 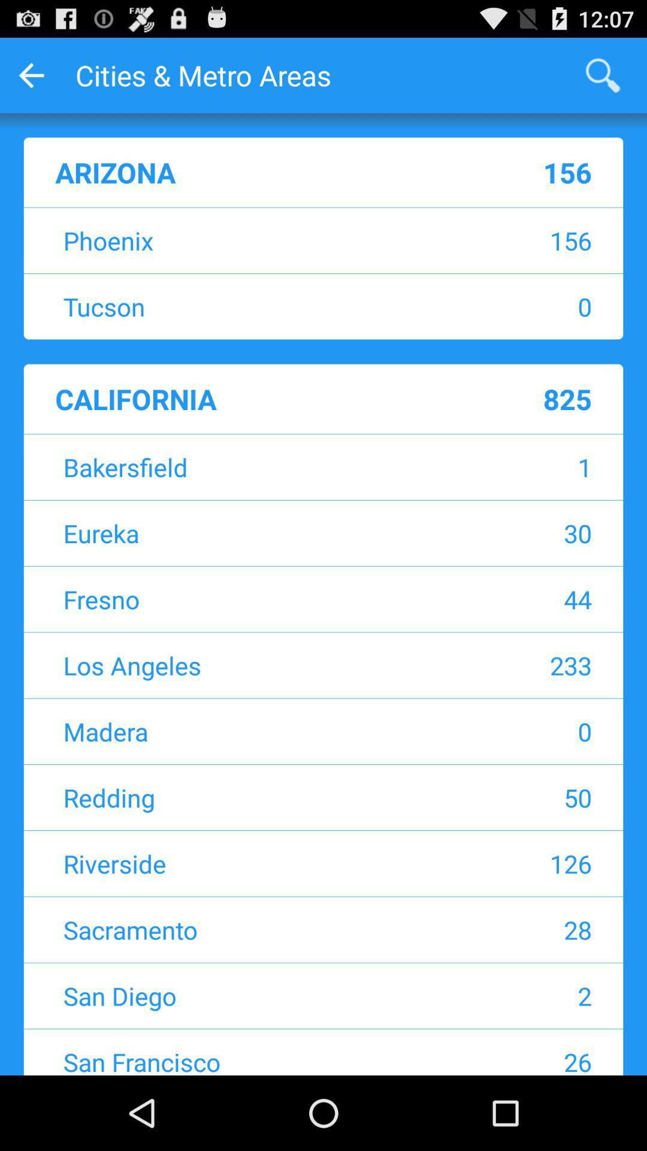 What do you see at coordinates (512, 797) in the screenshot?
I see `item next to redding icon` at bounding box center [512, 797].